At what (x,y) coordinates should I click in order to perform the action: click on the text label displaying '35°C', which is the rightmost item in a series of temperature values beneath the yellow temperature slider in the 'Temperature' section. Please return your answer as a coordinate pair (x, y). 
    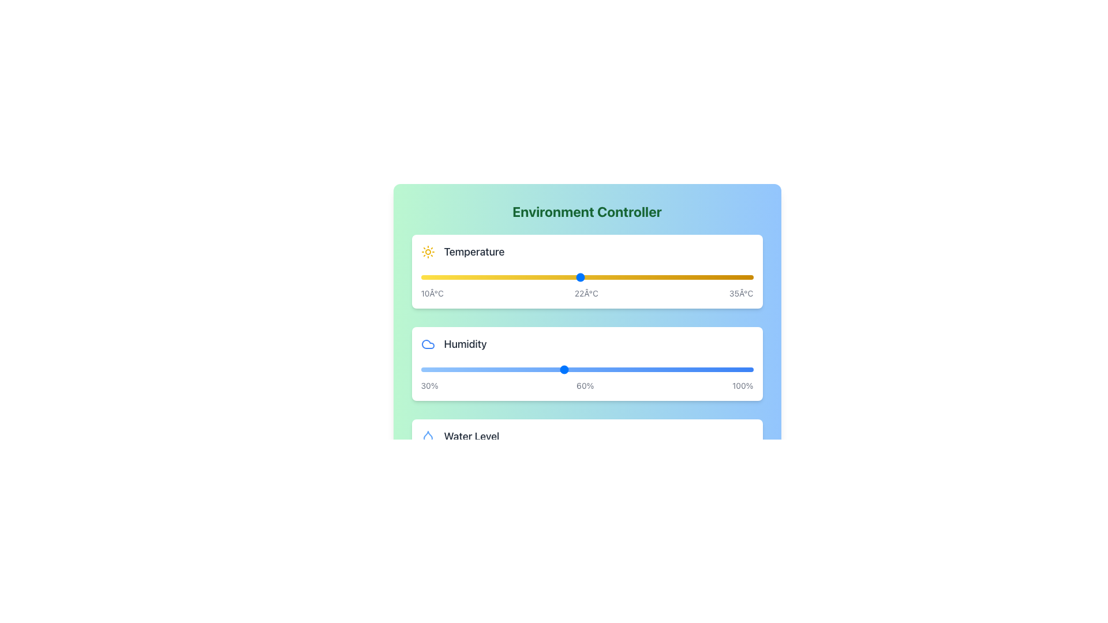
    Looking at the image, I should click on (741, 293).